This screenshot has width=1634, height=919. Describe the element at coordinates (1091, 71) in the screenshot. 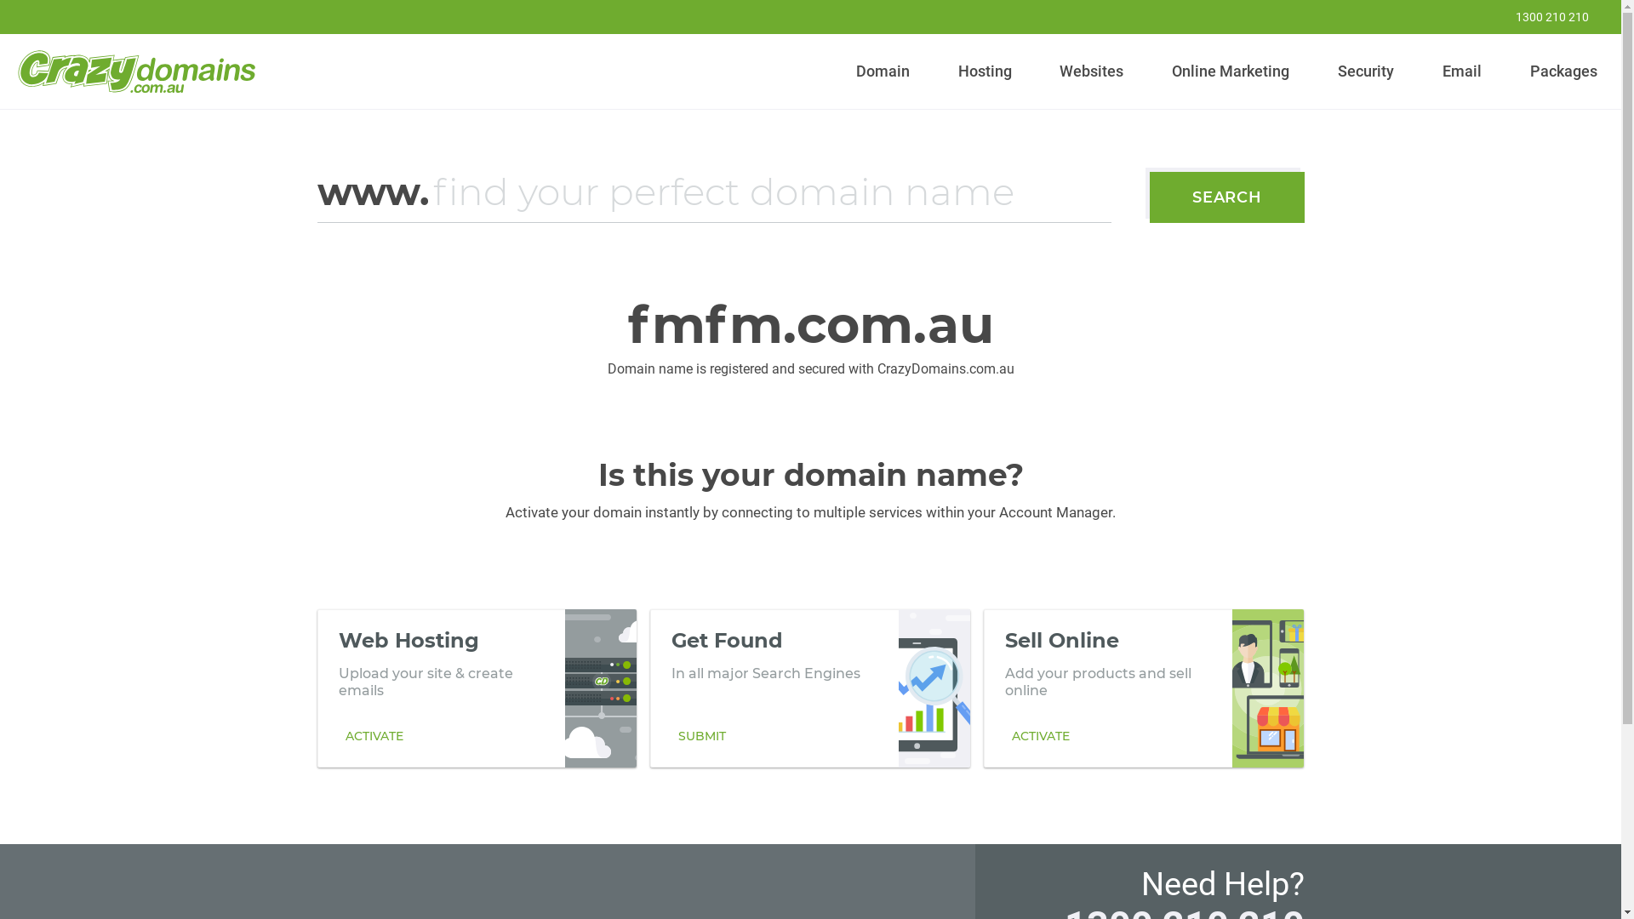

I see `'Websites'` at that location.